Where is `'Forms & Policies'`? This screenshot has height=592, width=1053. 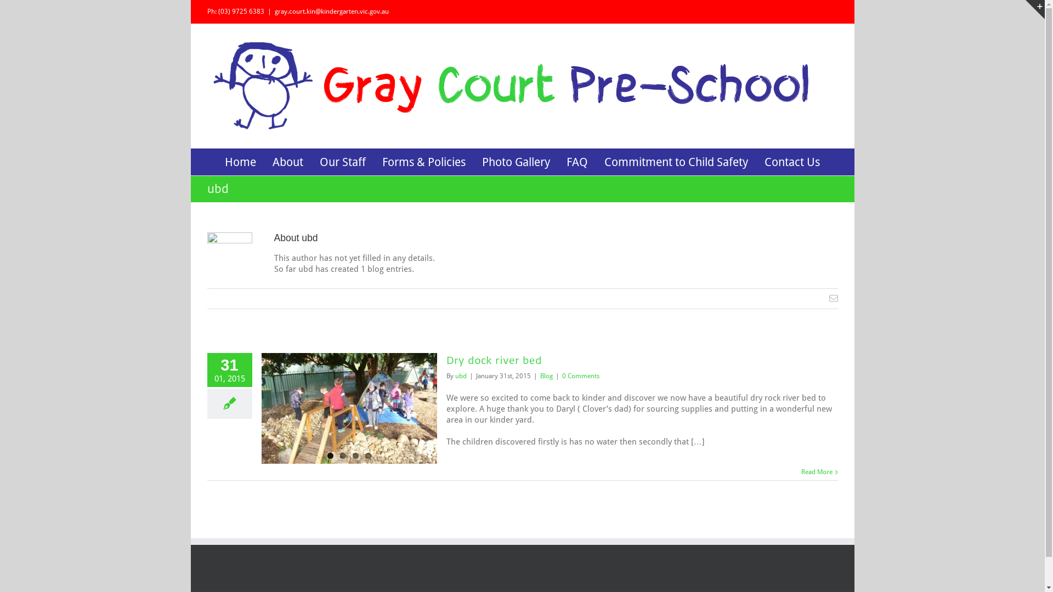
'Forms & Policies' is located at coordinates (423, 161).